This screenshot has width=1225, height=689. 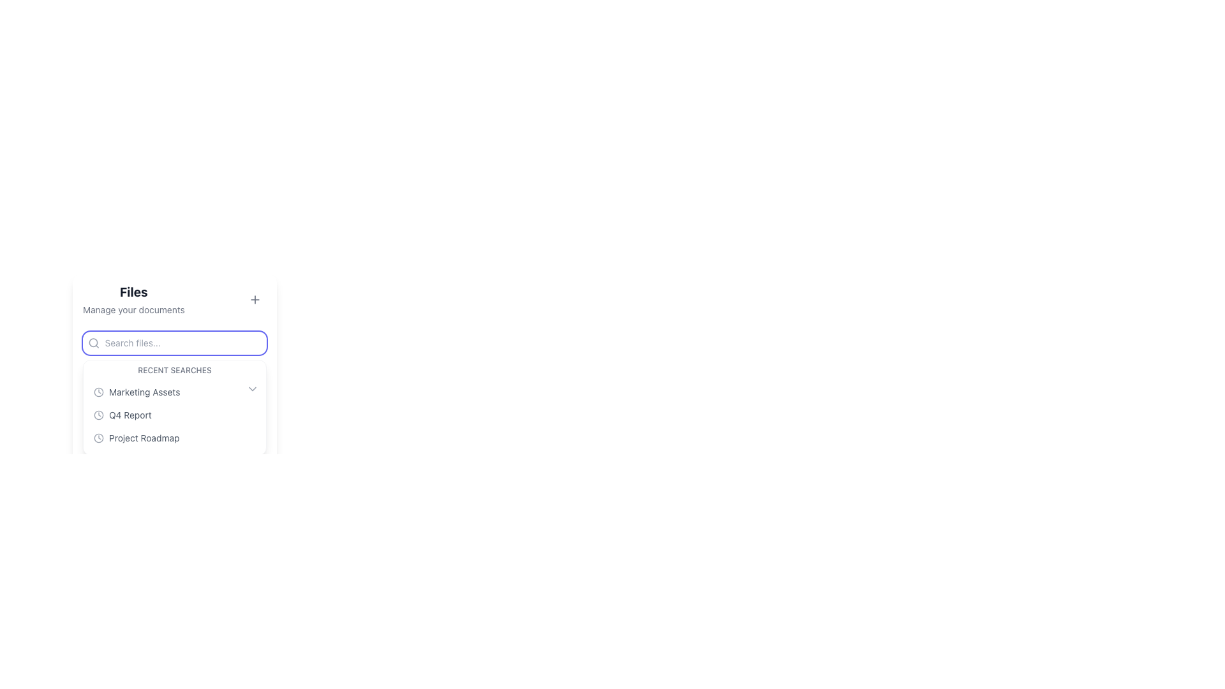 I want to click on the second list item, so click(x=174, y=473).